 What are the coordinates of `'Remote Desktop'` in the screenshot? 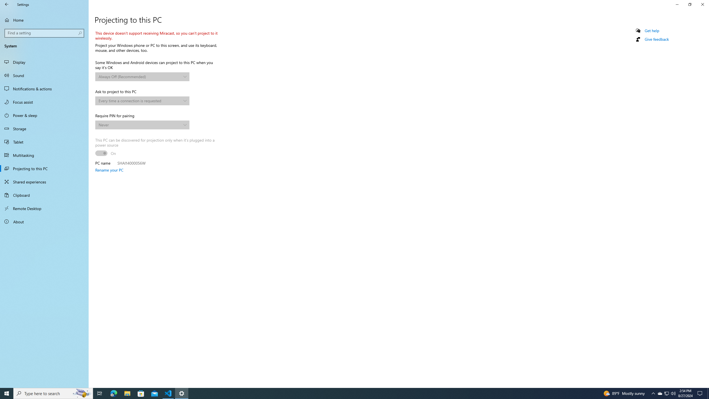 It's located at (44, 208).